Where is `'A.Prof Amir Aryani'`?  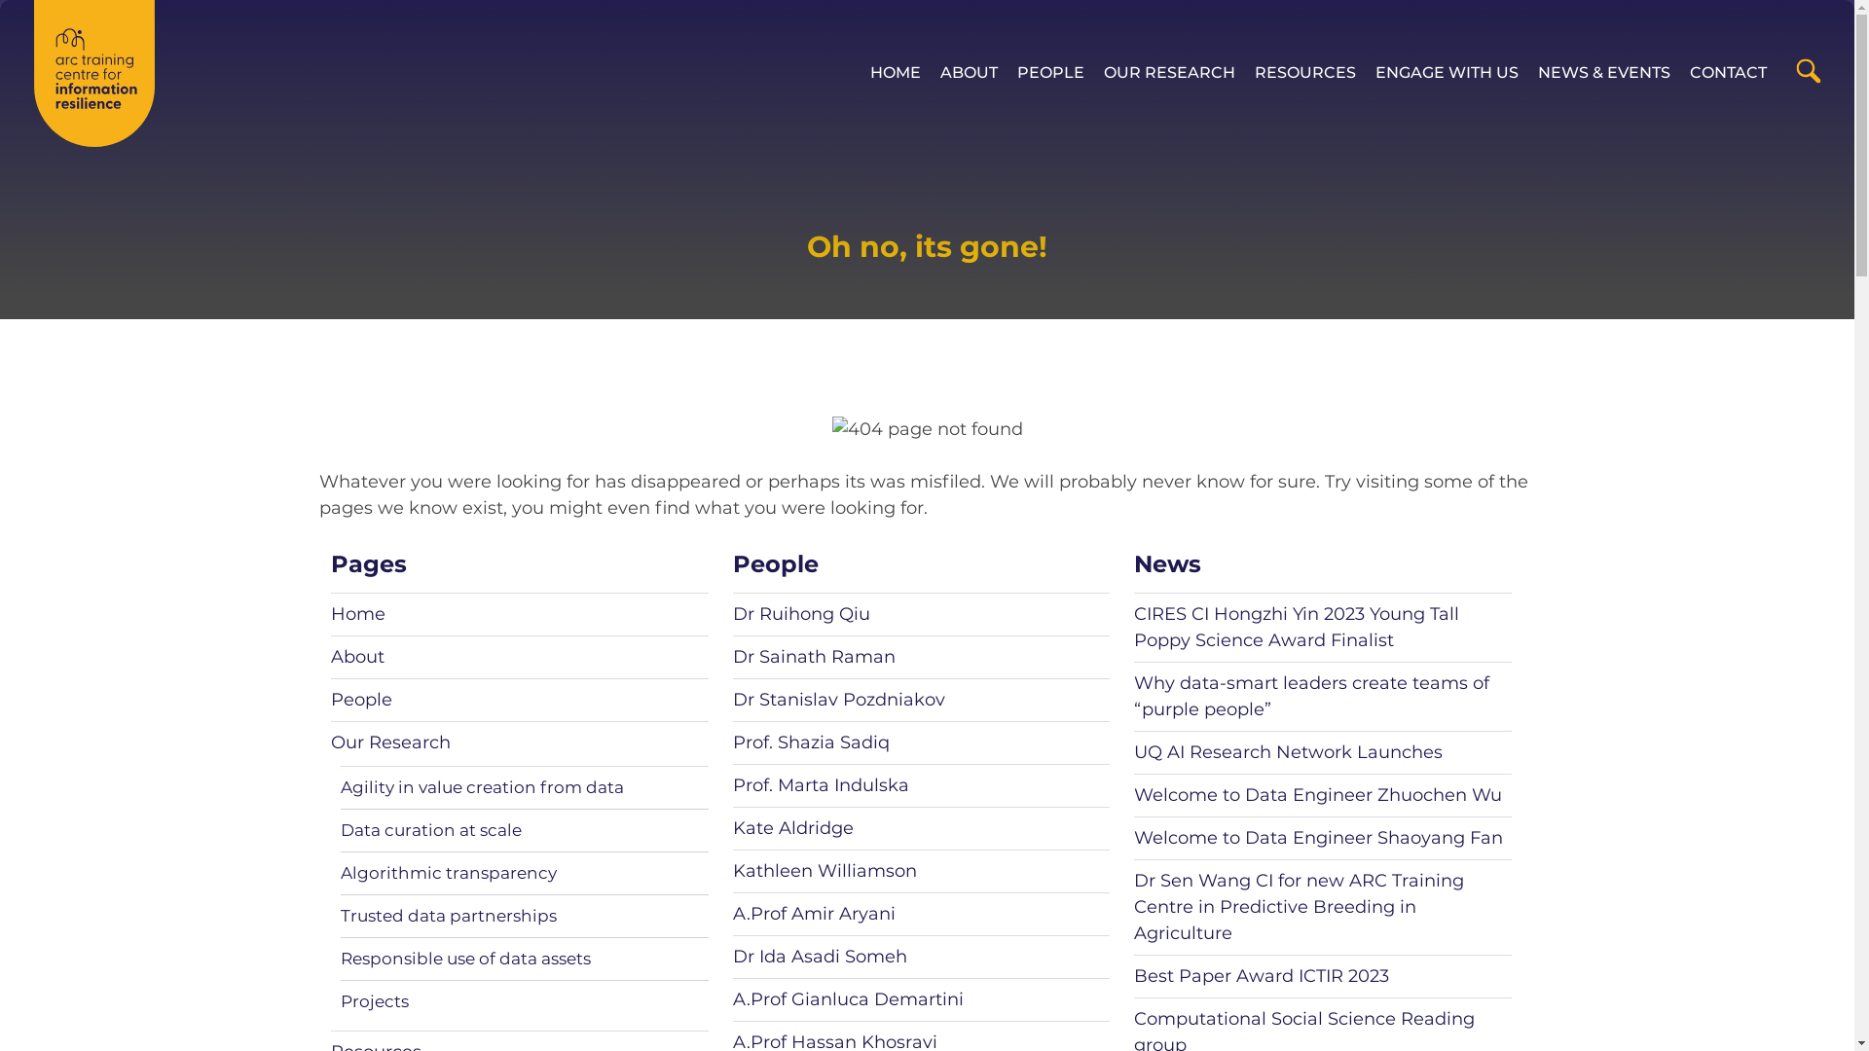 'A.Prof Amir Aryani' is located at coordinates (813, 913).